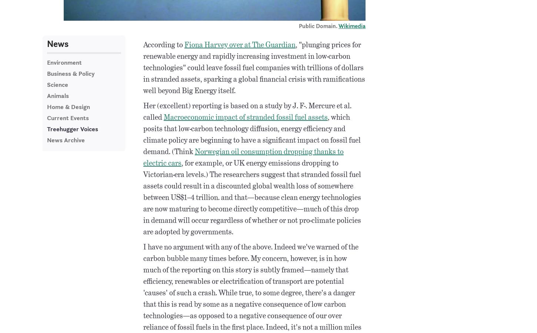  Describe the element at coordinates (47, 107) in the screenshot. I see `'Home & Design'` at that location.